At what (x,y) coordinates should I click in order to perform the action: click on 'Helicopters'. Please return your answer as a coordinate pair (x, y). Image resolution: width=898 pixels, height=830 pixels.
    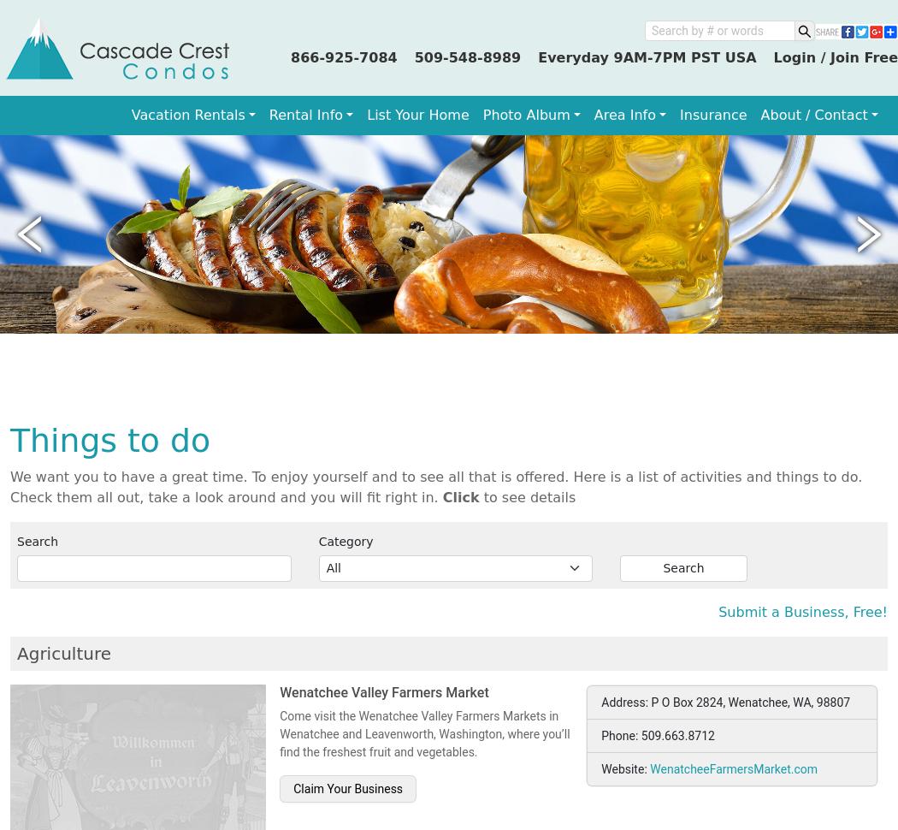
    Looking at the image, I should click on (65, 174).